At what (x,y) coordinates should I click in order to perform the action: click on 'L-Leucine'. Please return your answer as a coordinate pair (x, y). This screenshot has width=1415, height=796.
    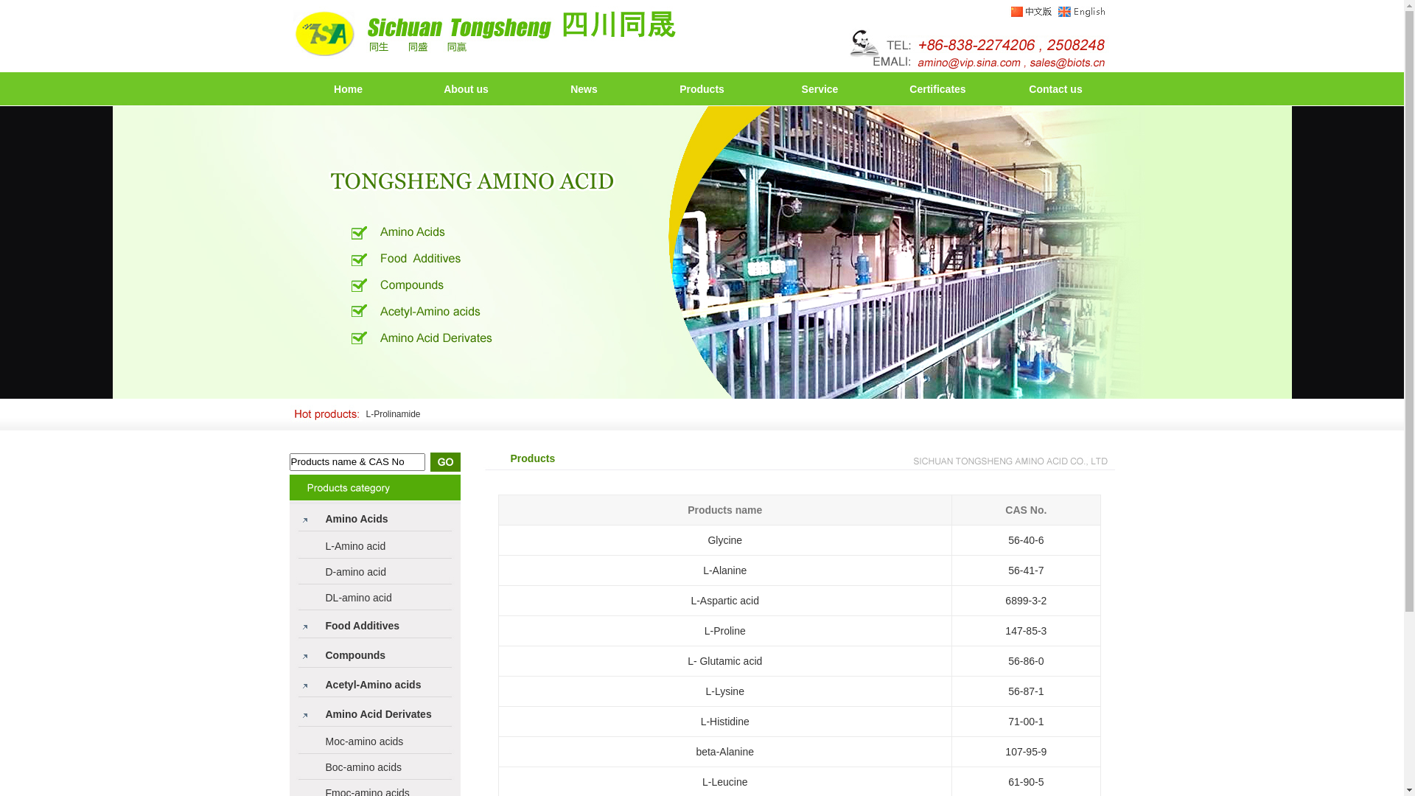
    Looking at the image, I should click on (724, 781).